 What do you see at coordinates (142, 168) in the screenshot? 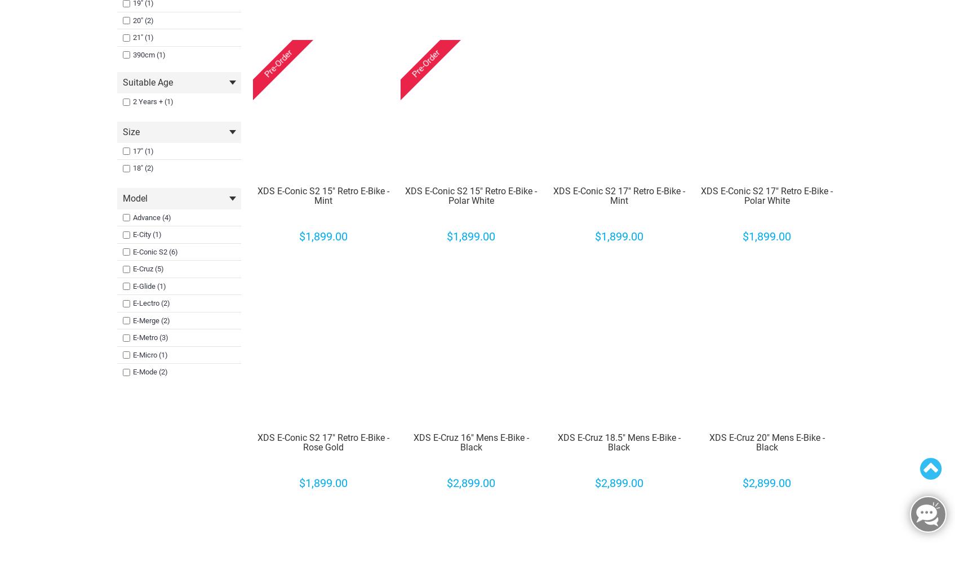
I see `'18" (2)'` at bounding box center [142, 168].